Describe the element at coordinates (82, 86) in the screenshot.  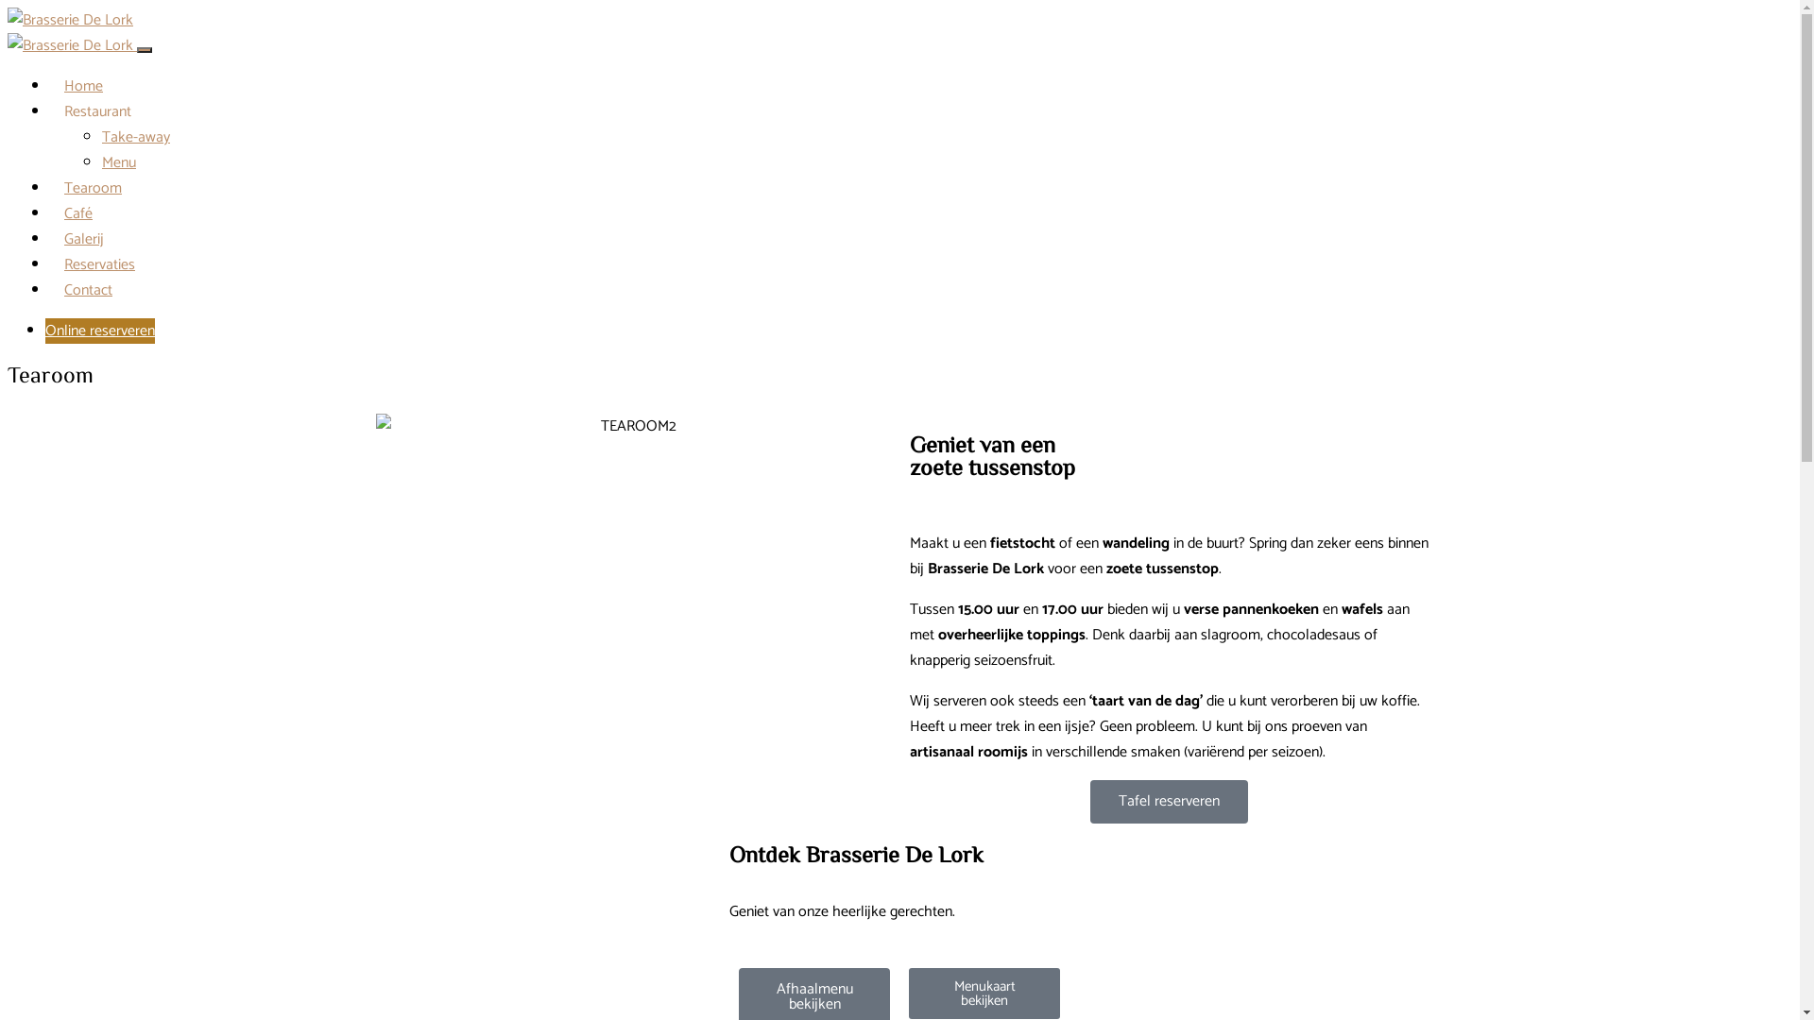
I see `'Home'` at that location.